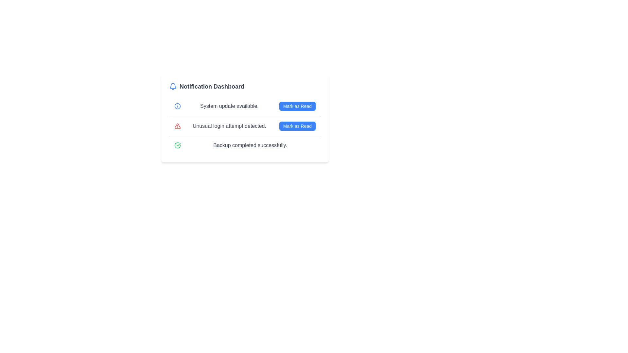  Describe the element at coordinates (244, 106) in the screenshot. I see `the Notification row displaying 'System update available.' by clicking on it for further context` at that location.